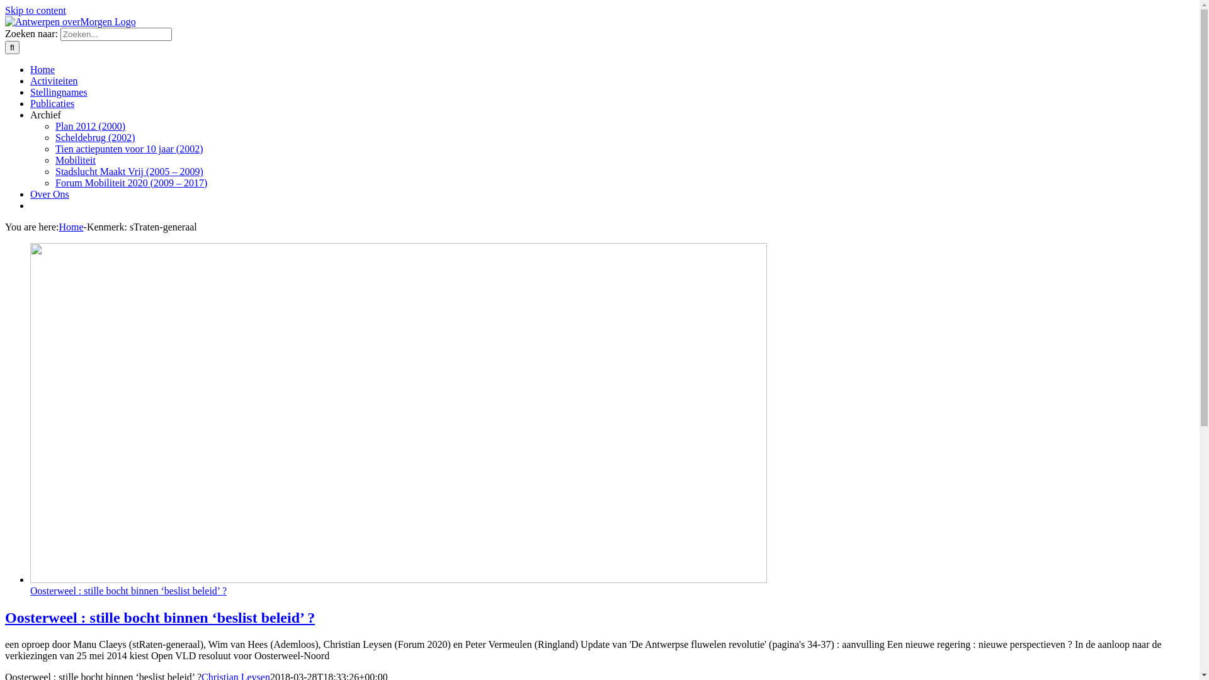 Image resolution: width=1209 pixels, height=680 pixels. I want to click on 'Plan 2012 (2000)', so click(89, 126).